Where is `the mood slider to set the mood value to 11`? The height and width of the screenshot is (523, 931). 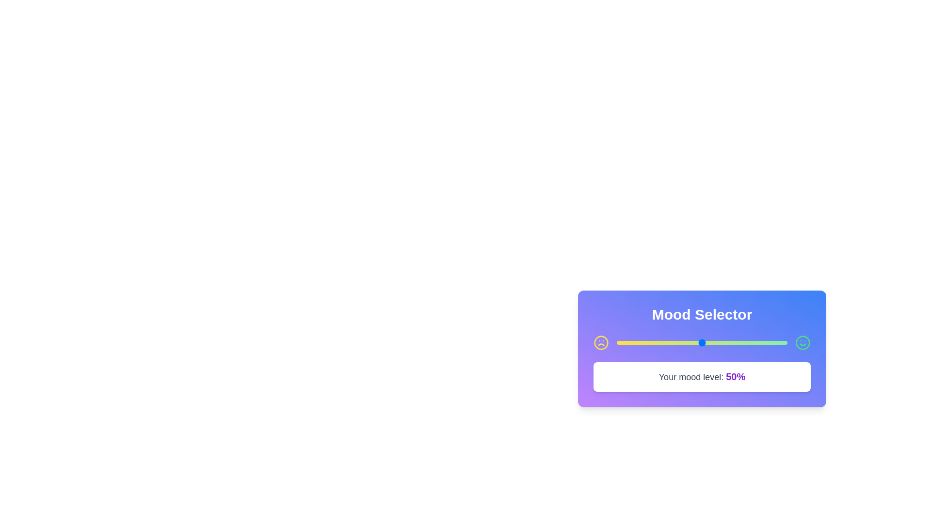 the mood slider to set the mood value to 11 is located at coordinates (635, 342).